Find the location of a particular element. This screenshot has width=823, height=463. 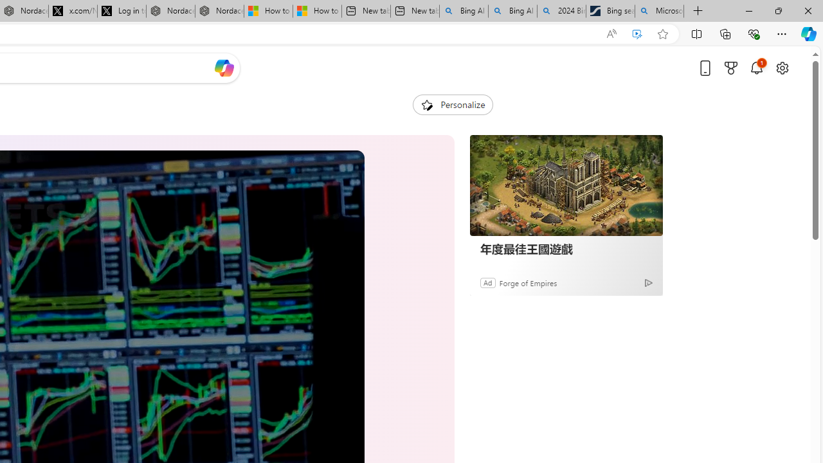

'Microsoft Bing Timeline - Search' is located at coordinates (659, 11).